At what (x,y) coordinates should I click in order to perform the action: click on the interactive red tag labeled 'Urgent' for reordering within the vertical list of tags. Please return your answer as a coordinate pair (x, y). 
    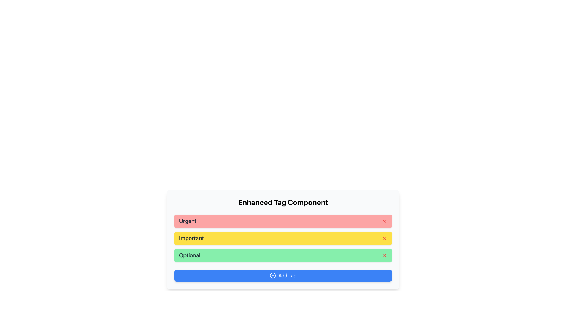
    Looking at the image, I should click on (283, 221).